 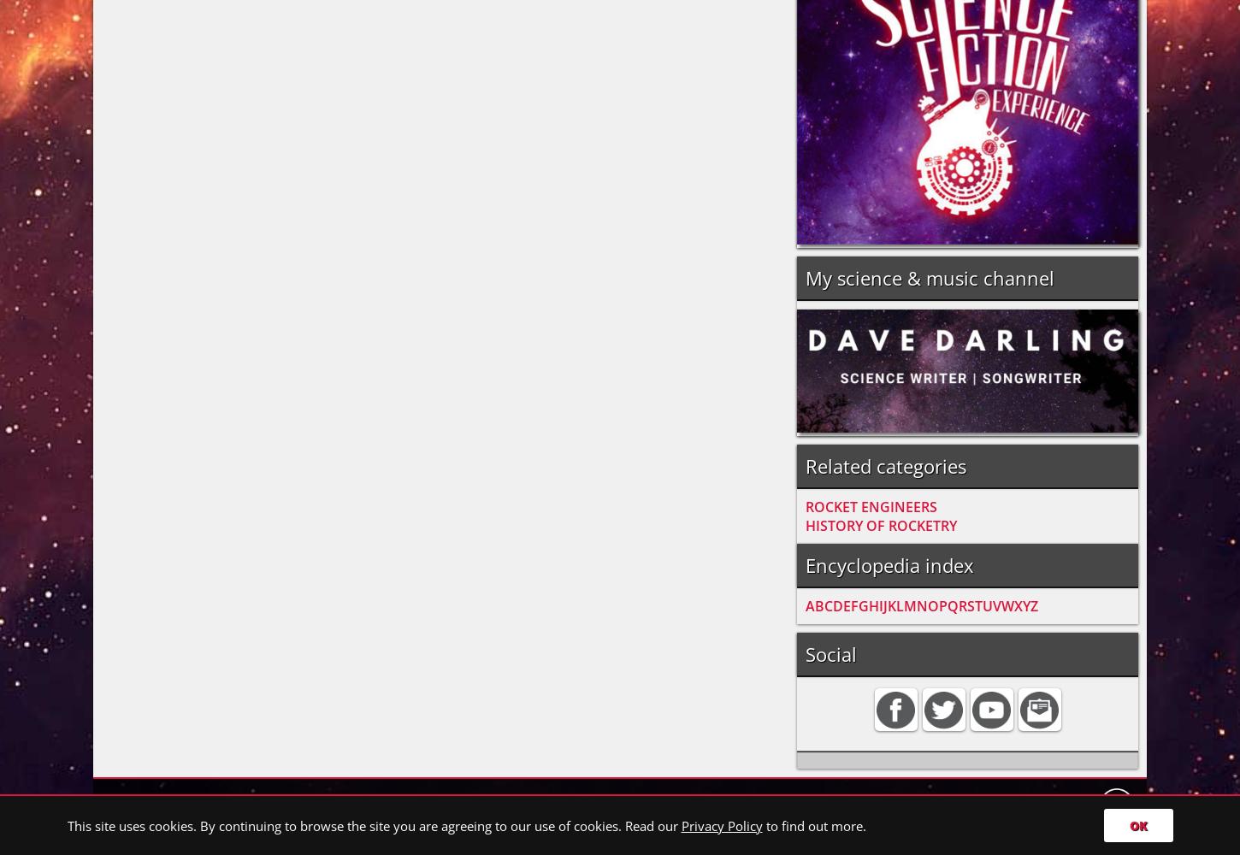 What do you see at coordinates (805, 505) in the screenshot?
I see `'ROCKET 
              ENGINEERS'` at bounding box center [805, 505].